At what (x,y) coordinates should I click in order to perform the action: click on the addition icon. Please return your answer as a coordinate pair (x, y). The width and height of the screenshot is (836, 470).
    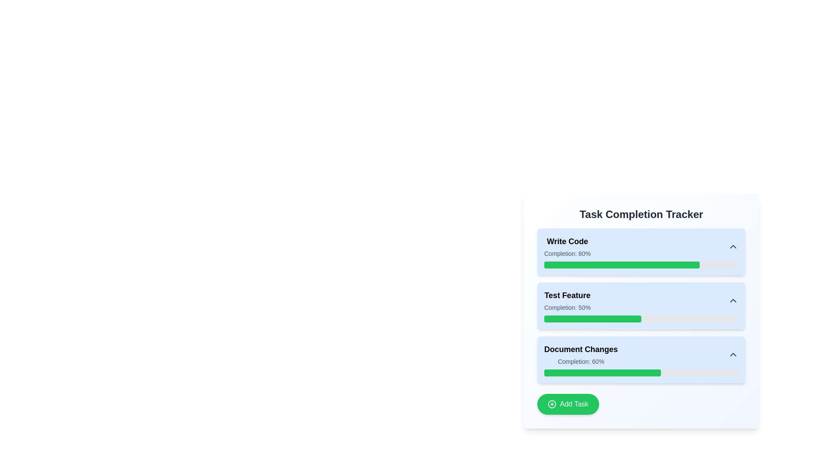
    Looking at the image, I should click on (551, 404).